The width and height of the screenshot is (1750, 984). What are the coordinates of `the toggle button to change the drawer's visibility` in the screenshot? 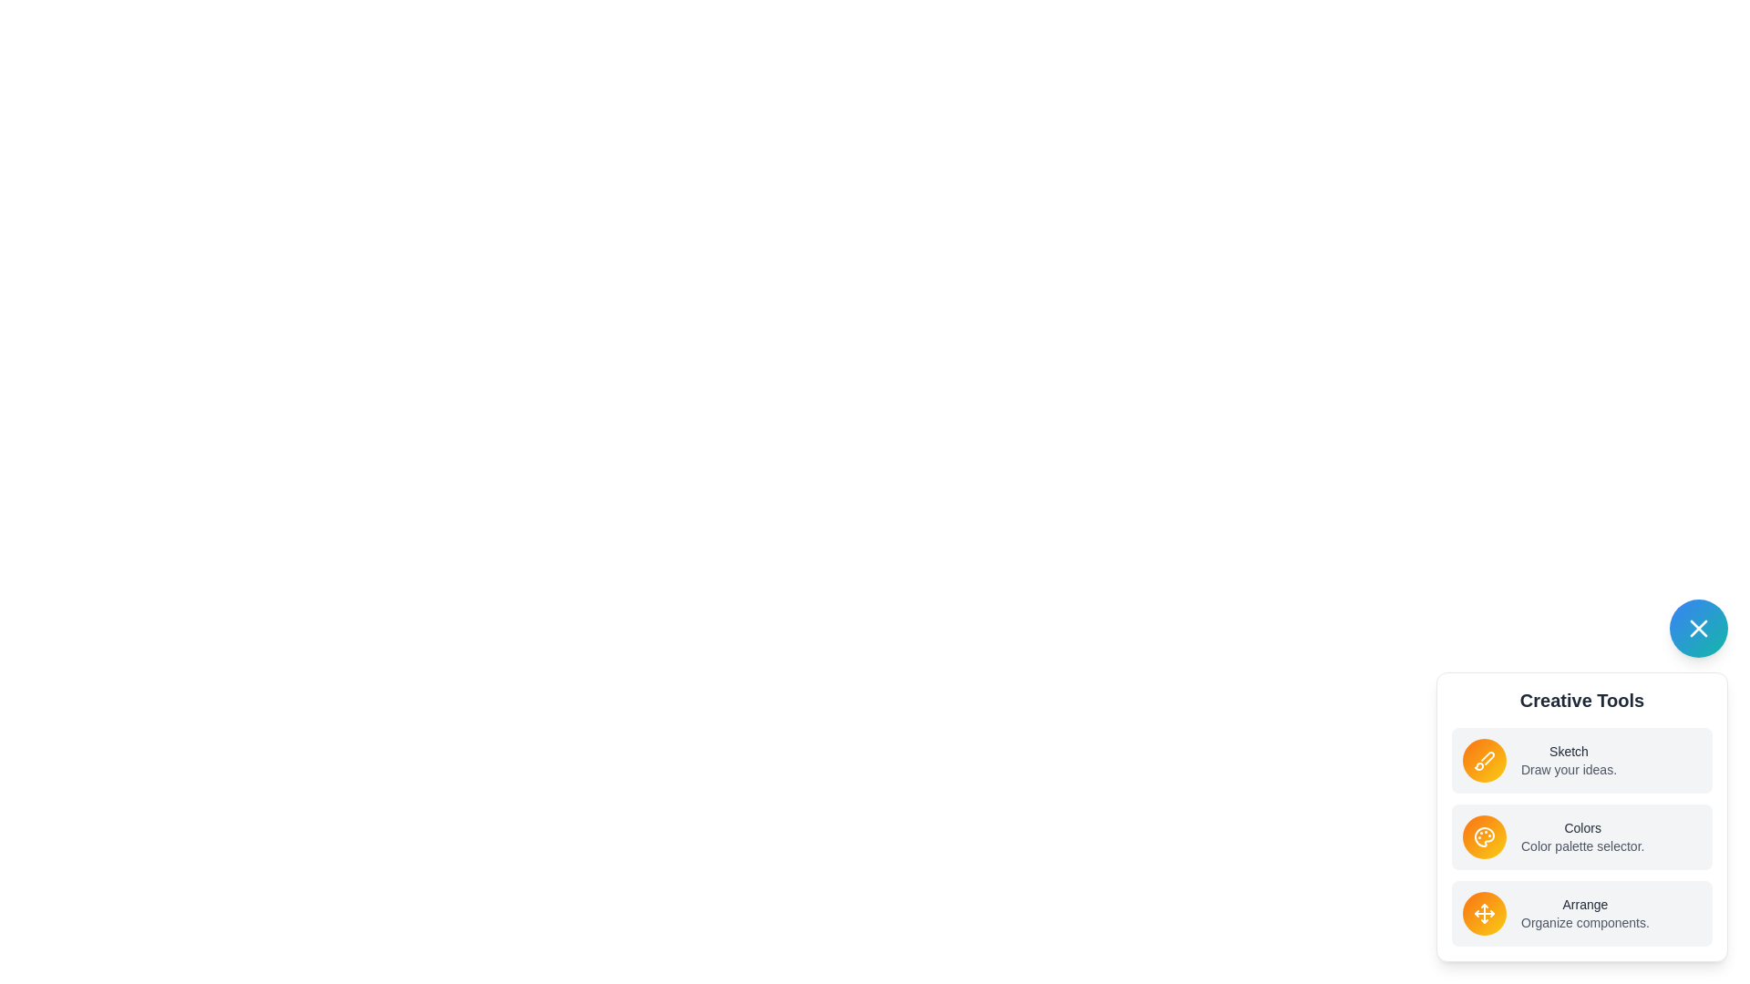 It's located at (1697, 628).